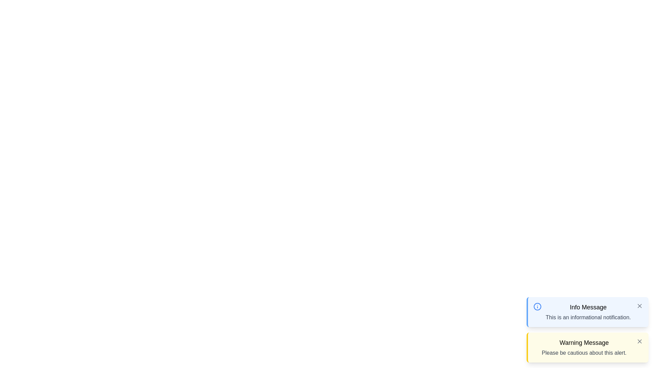 The width and height of the screenshot is (654, 368). I want to click on the 'X' button in the top-right corner of the 'Warning Message' alert, so click(639, 341).